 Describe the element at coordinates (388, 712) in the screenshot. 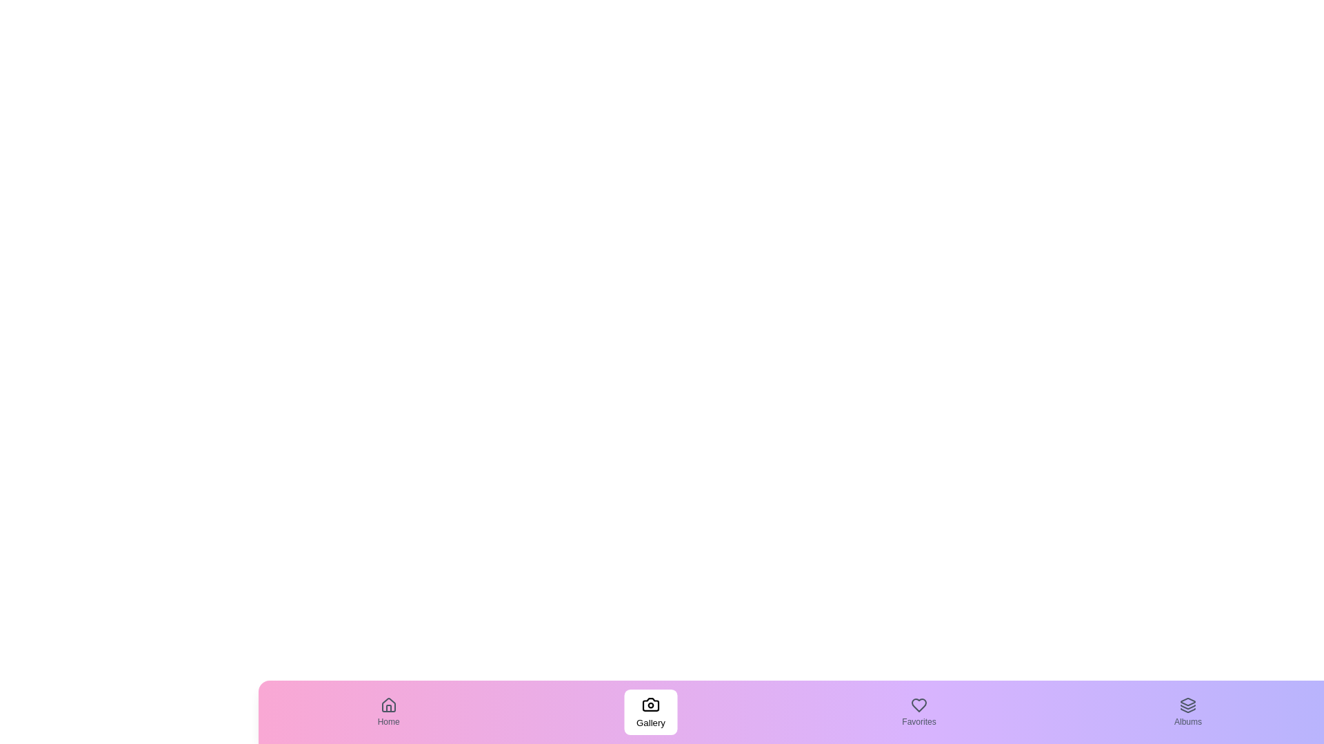

I see `the home tab in the navigation bar` at that location.